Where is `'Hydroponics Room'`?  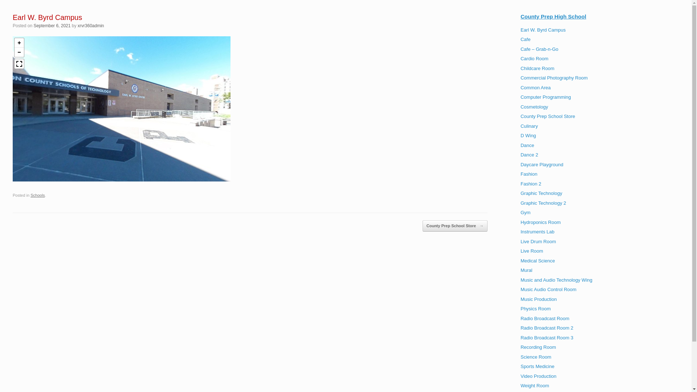 'Hydroponics Room' is located at coordinates (541, 221).